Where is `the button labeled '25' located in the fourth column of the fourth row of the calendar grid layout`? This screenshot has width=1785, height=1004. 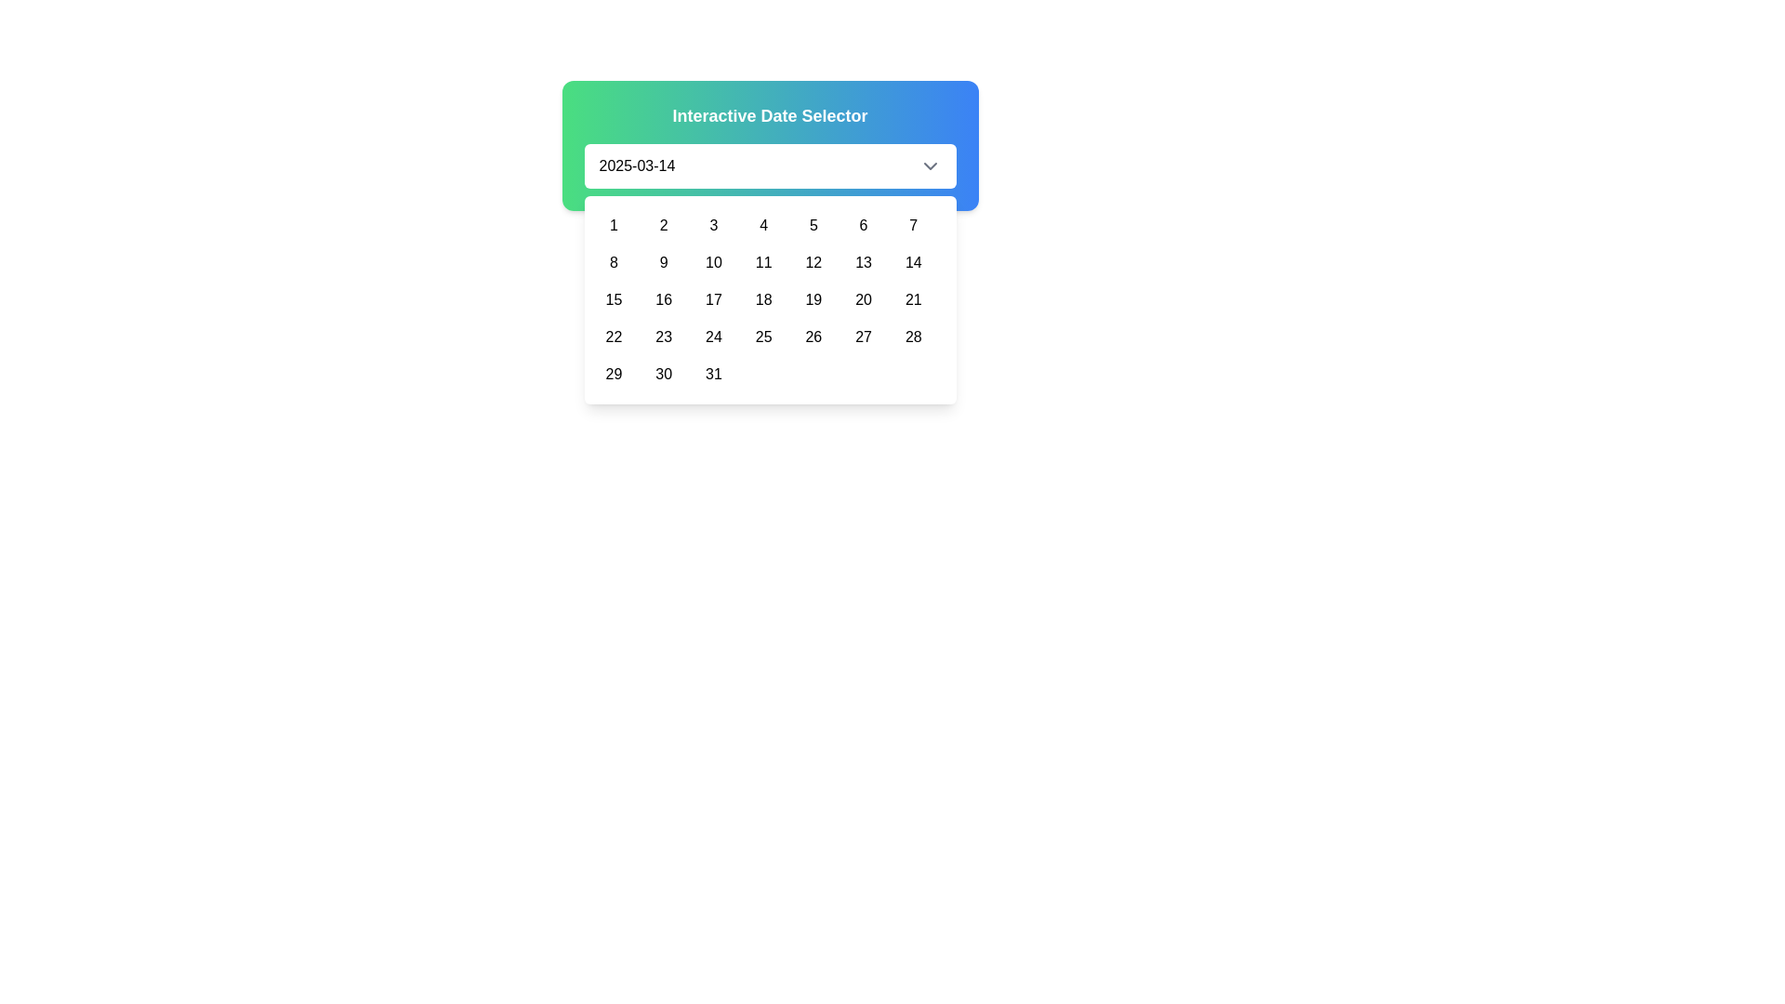 the button labeled '25' located in the fourth column of the fourth row of the calendar grid layout is located at coordinates (763, 337).